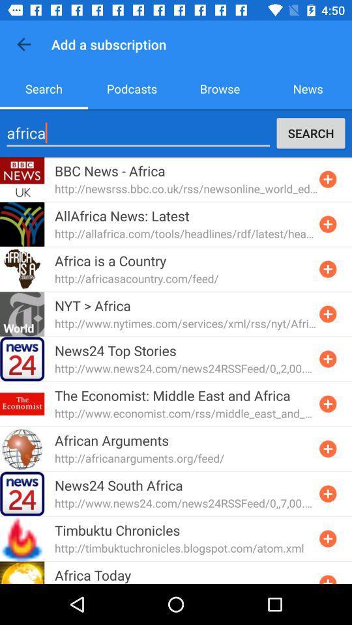 This screenshot has width=352, height=625. What do you see at coordinates (327, 313) in the screenshot?
I see `subscribe` at bounding box center [327, 313].